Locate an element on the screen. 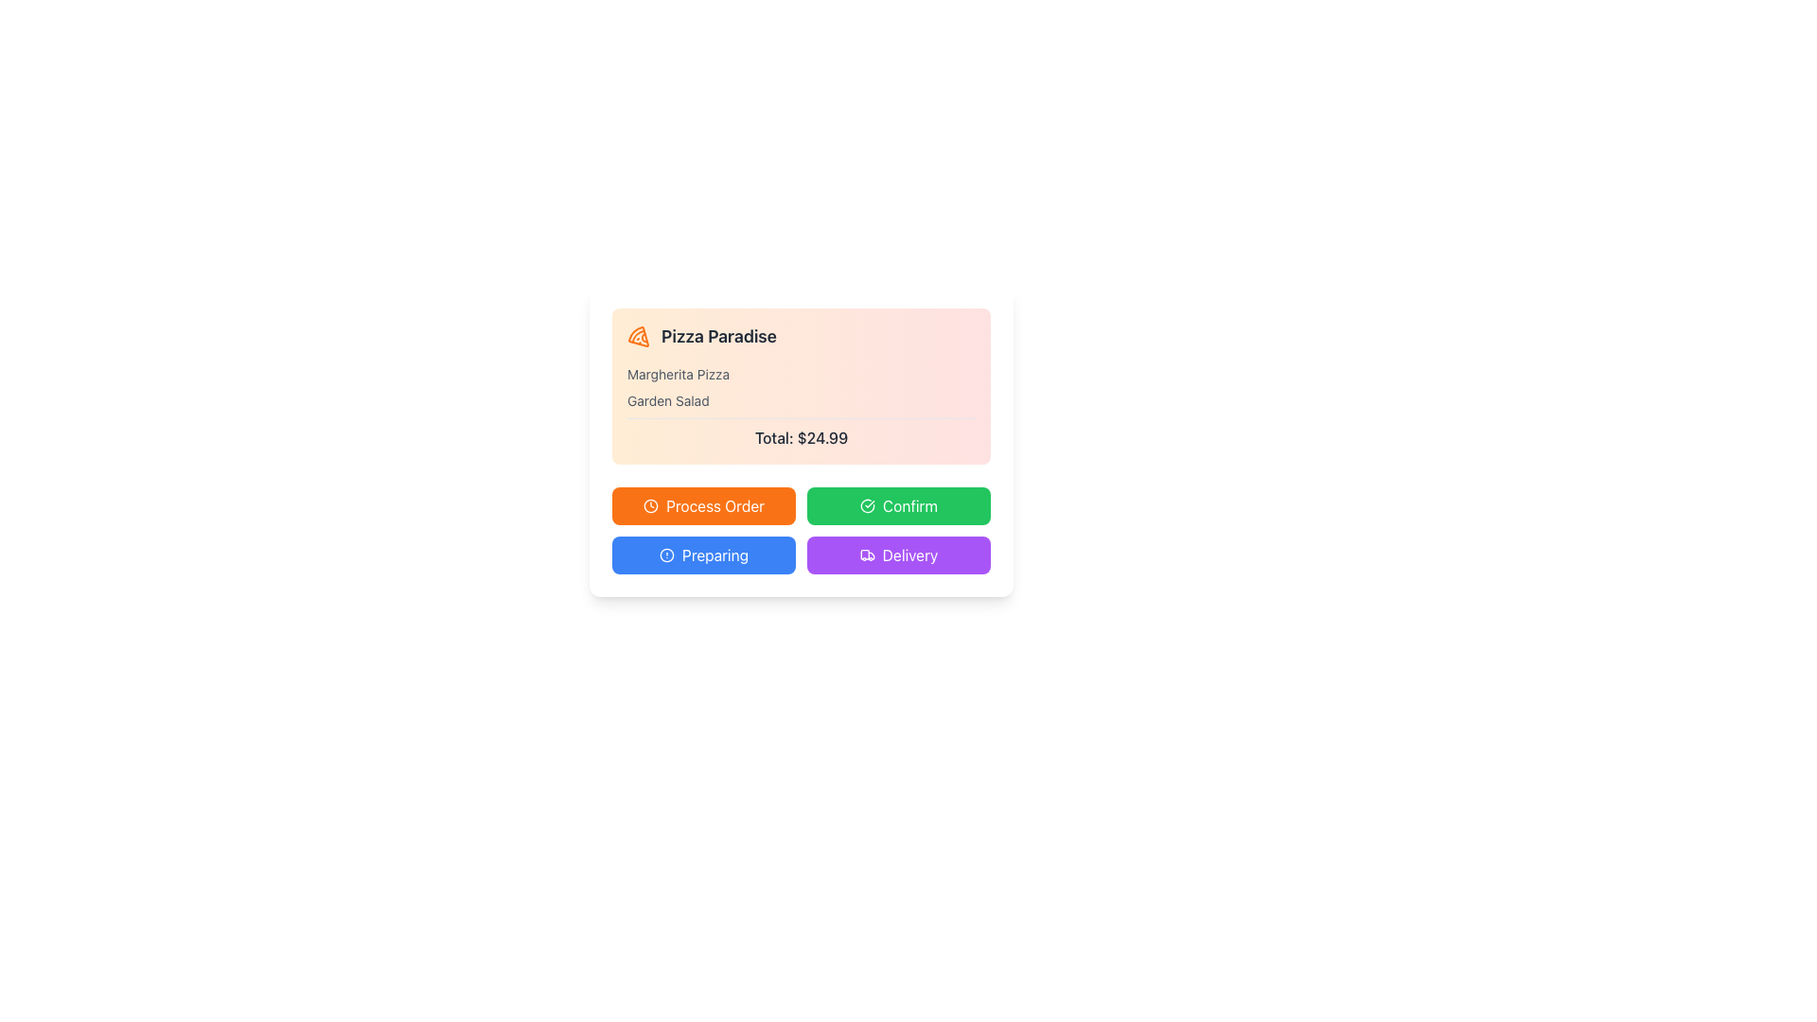 The width and height of the screenshot is (1817, 1022). the purple 'Delivery' button with white text and a truck icon, located in the lower right of the button grid is located at coordinates (898, 554).